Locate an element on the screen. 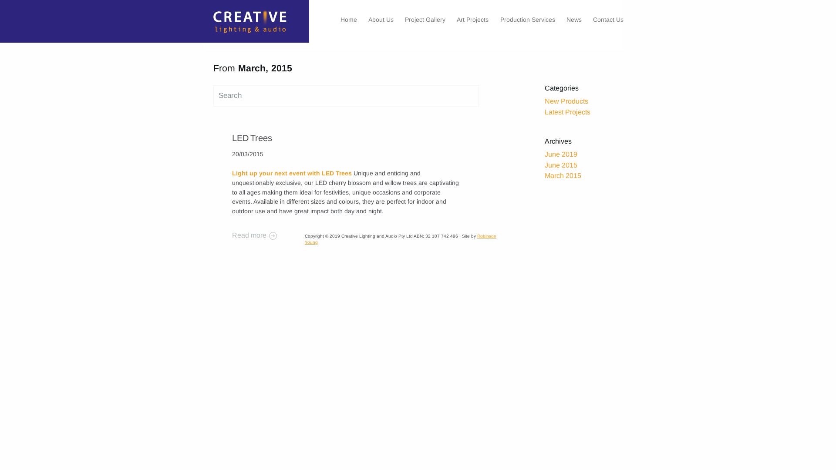 The width and height of the screenshot is (836, 470). '20/03/2015' is located at coordinates (246, 154).